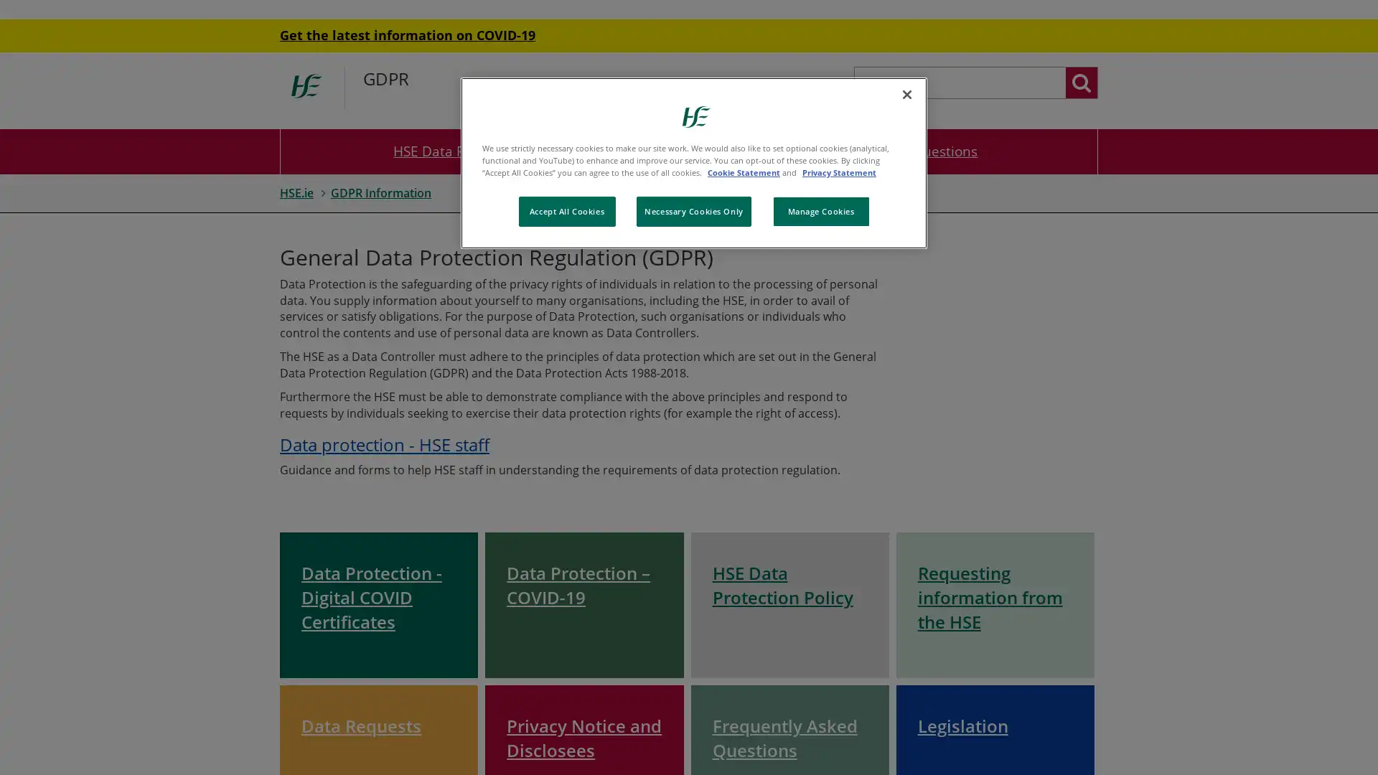 The image size is (1378, 775). I want to click on Close, so click(906, 94).